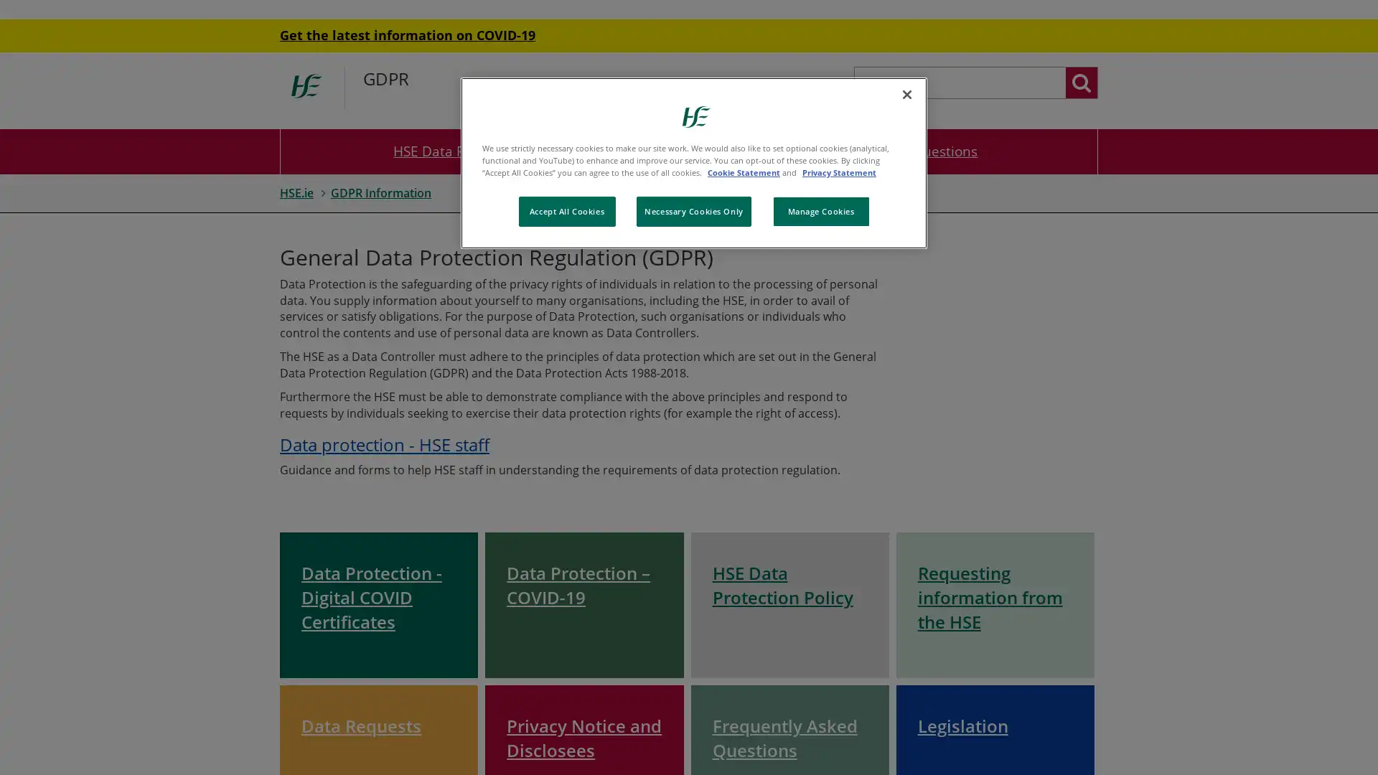 The image size is (1378, 775). I want to click on Close, so click(906, 94).